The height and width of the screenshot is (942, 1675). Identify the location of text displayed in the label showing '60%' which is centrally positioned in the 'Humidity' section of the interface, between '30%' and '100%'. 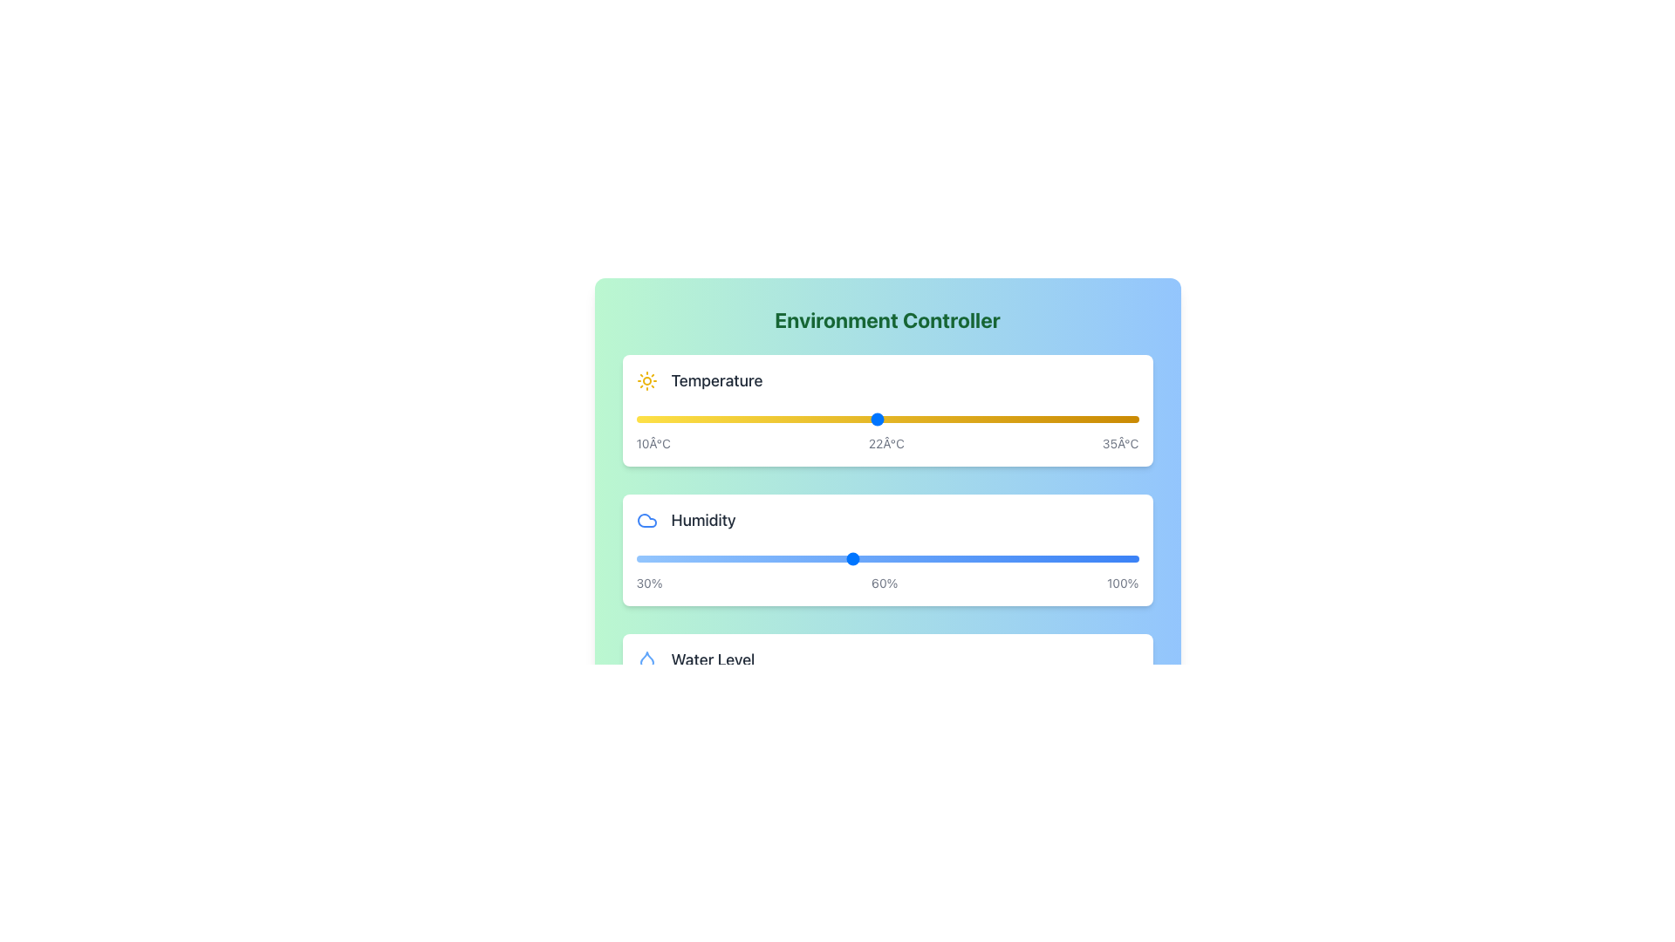
(885, 583).